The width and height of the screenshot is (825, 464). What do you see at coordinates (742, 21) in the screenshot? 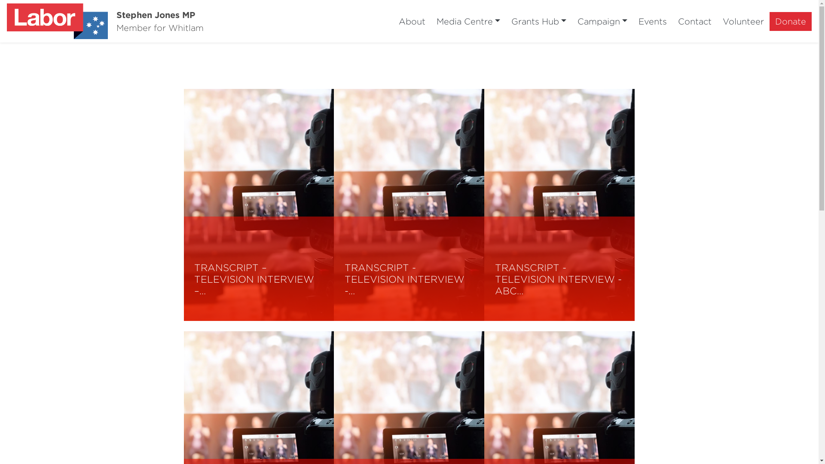
I see `'Volunteer'` at bounding box center [742, 21].